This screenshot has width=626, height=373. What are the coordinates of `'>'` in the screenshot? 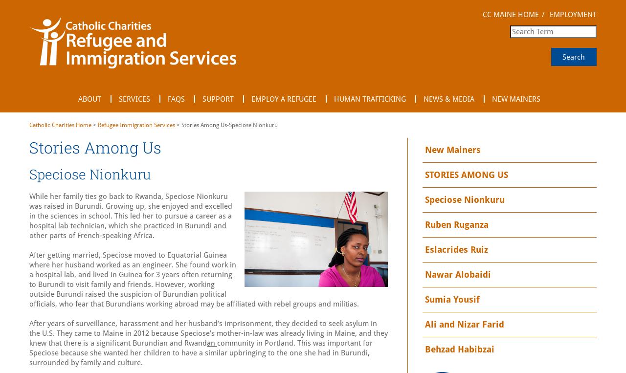 It's located at (94, 124).